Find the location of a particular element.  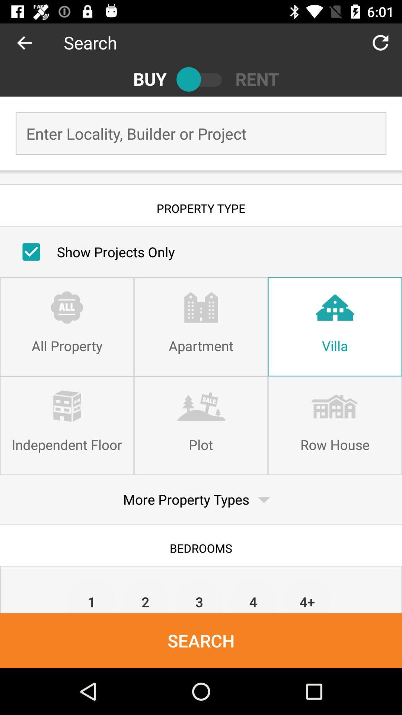

the icon next to the 4 item is located at coordinates (199, 595).